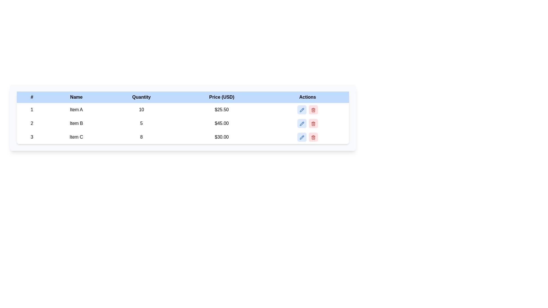 The height and width of the screenshot is (308, 548). Describe the element at coordinates (31, 110) in the screenshot. I see `the first row of the table by interacting with the leftmost cell containing the text '1'` at that location.